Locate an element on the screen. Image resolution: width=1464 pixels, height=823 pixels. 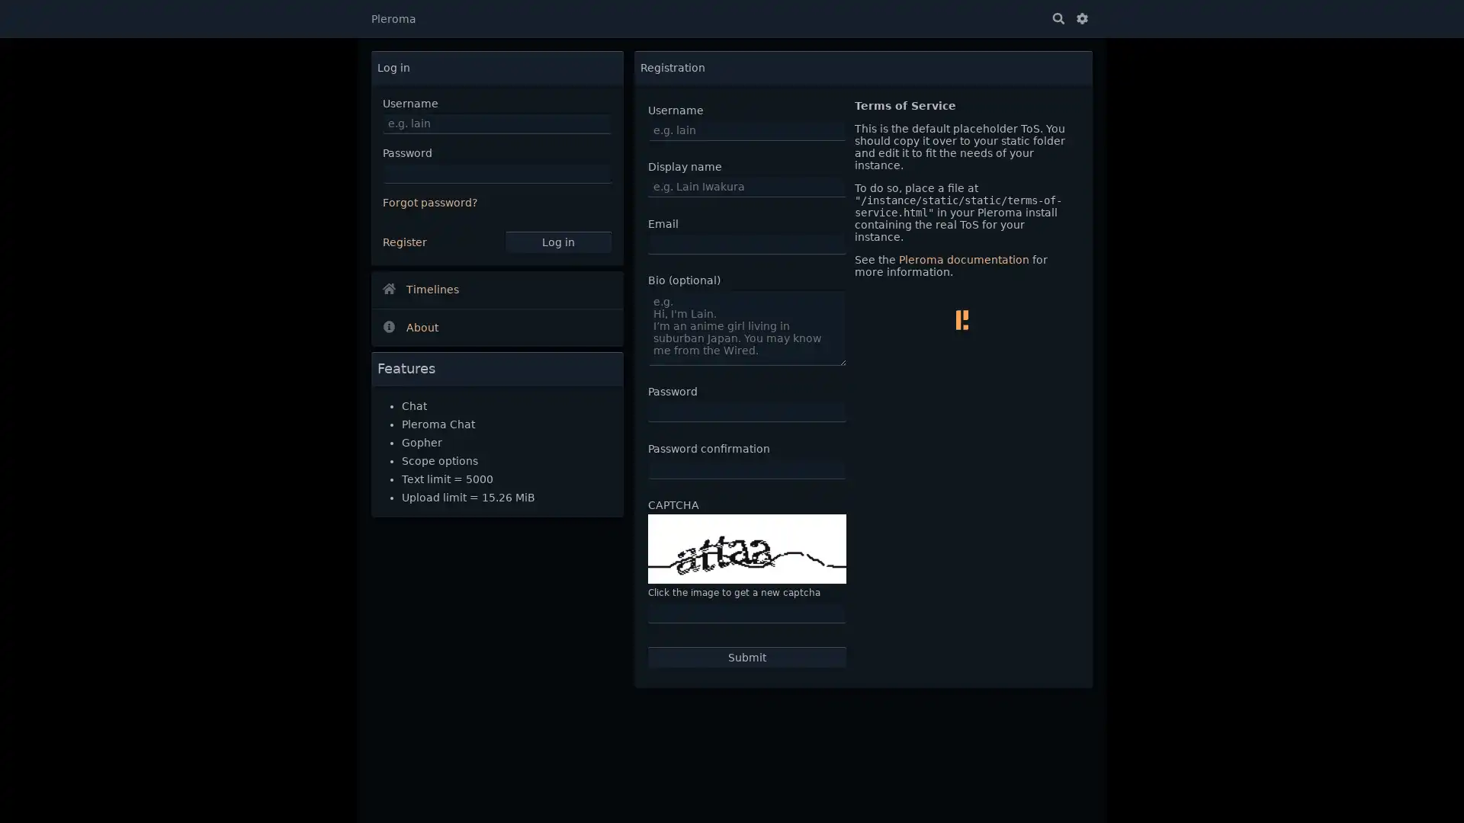
Log in is located at coordinates (557, 241).